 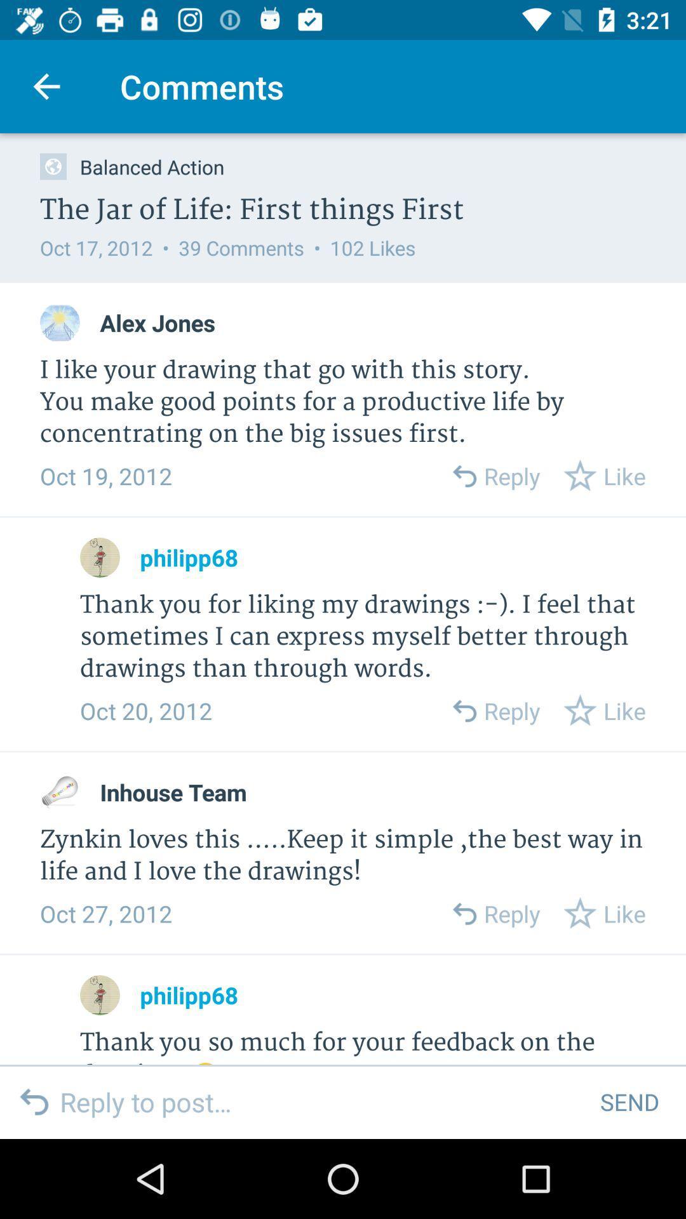 What do you see at coordinates (464, 475) in the screenshot?
I see `reply back` at bounding box center [464, 475].